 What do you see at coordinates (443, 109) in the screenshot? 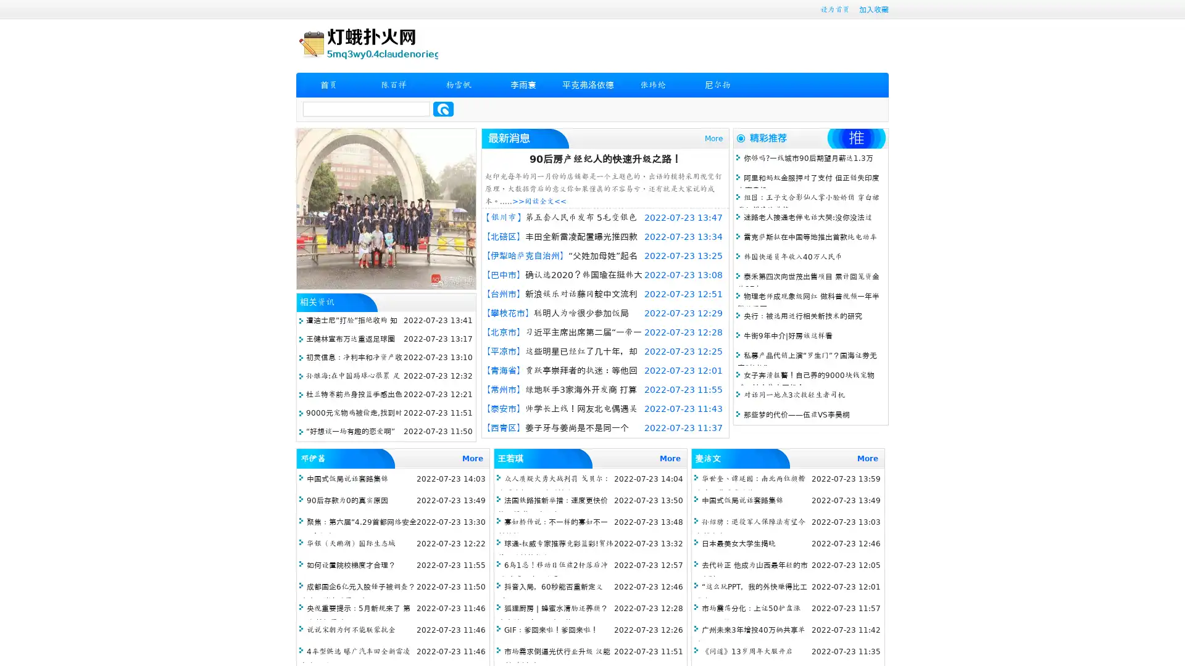
I see `Search` at bounding box center [443, 109].